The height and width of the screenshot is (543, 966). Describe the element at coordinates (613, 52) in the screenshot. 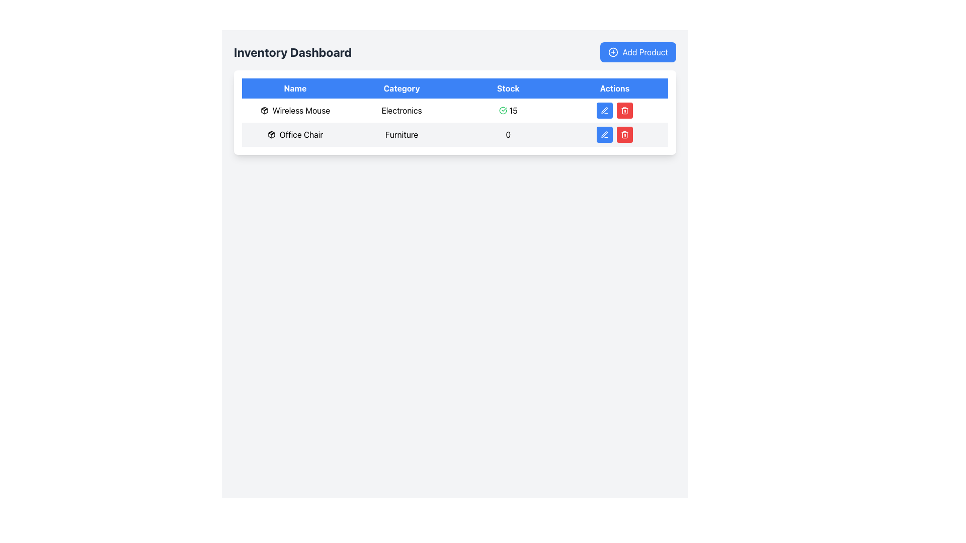

I see `the Circle shape in the SVG icon of the 'Add Product' button, which visually represents the '+' action for adding new items or products` at that location.